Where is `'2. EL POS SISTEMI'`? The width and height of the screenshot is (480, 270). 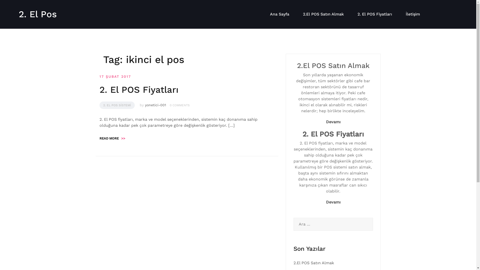 '2. EL POS SISTEMI' is located at coordinates (117, 105).